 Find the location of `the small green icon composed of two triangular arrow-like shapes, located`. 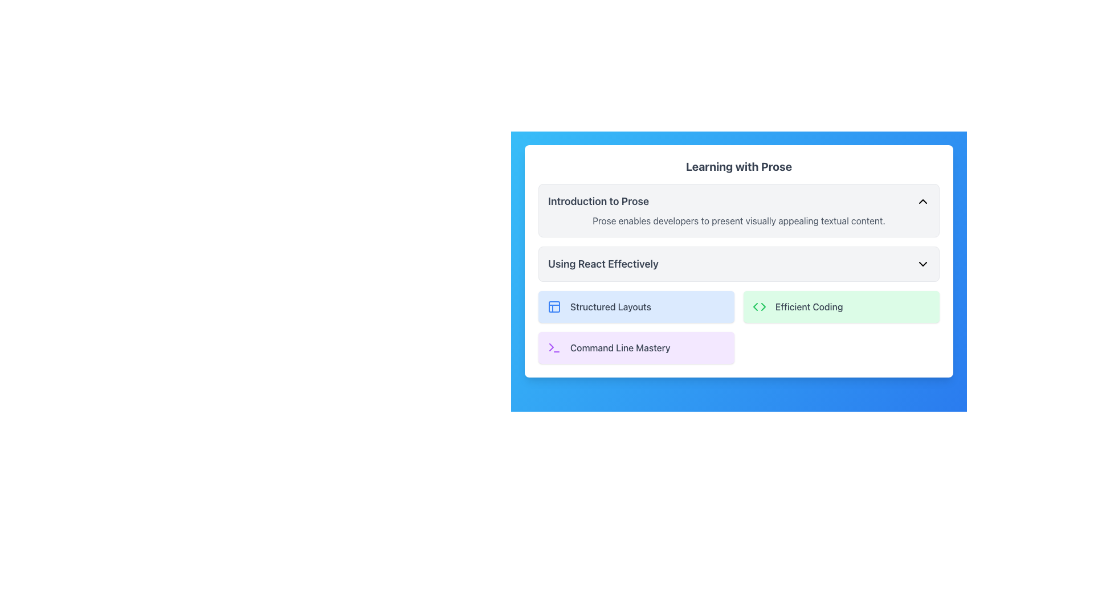

the small green icon composed of two triangular arrow-like shapes, located is located at coordinates (760, 306).